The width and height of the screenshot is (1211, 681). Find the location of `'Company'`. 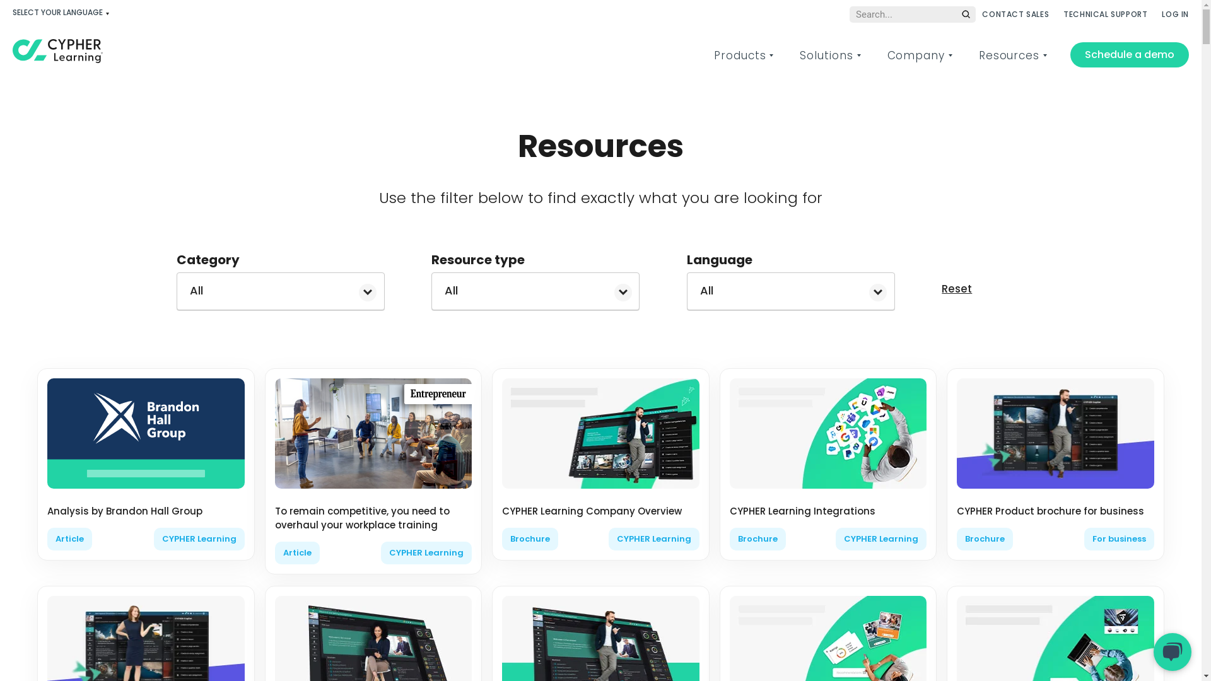

'Company' is located at coordinates (916, 55).